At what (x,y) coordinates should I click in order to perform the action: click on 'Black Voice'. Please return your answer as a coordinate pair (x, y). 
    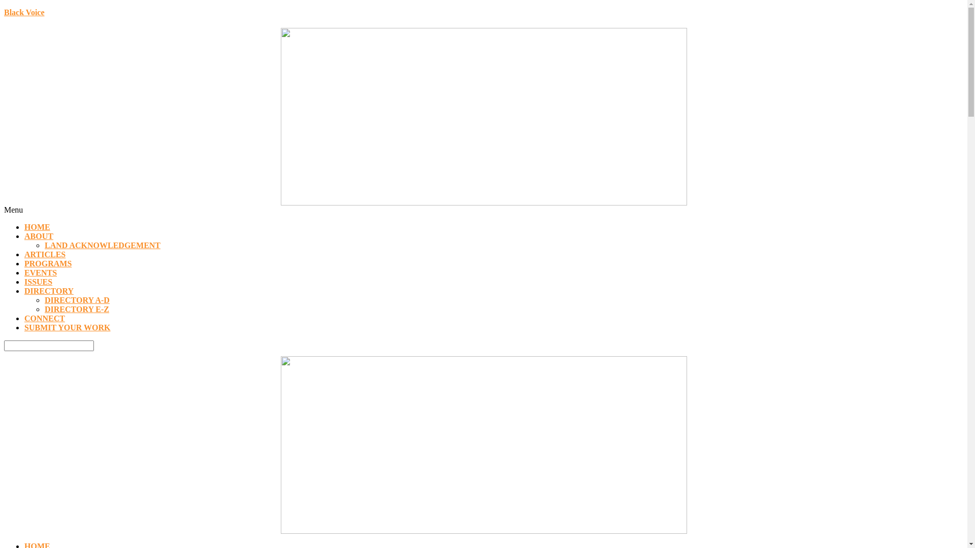
    Looking at the image, I should click on (24, 12).